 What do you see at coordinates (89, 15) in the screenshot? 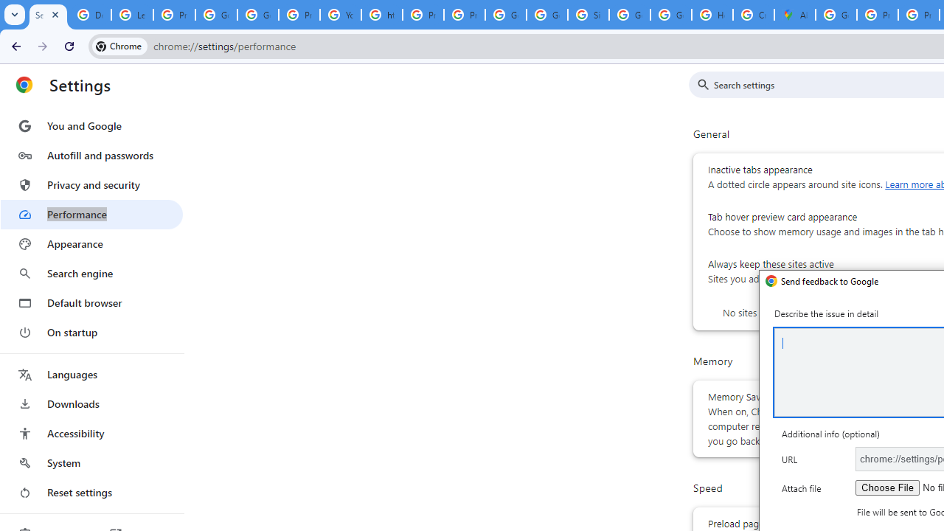
I see `'Delete photos & videos - Computer - Google Photos Help'` at bounding box center [89, 15].